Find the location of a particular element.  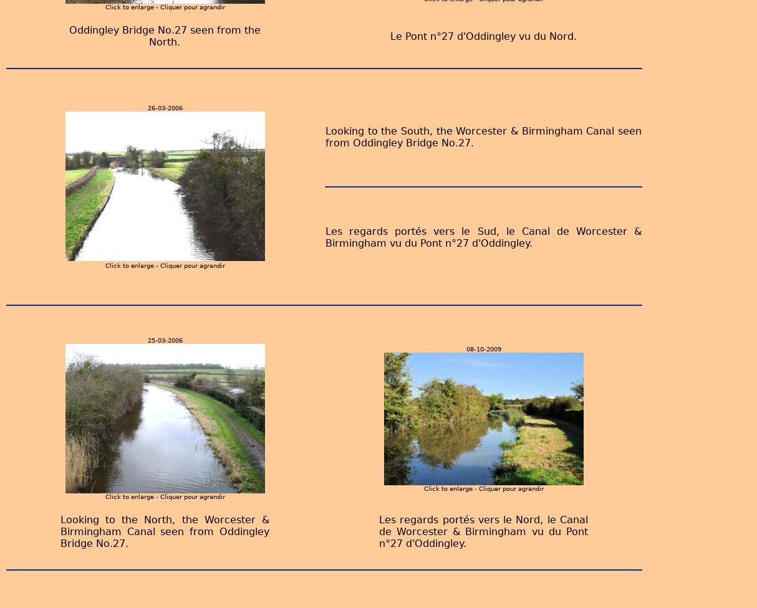

'Les regards portés vers le Sud, le Canal de Worcester & Birmingham vu du Pont n°27 d'Oddingley.' is located at coordinates (483, 235).